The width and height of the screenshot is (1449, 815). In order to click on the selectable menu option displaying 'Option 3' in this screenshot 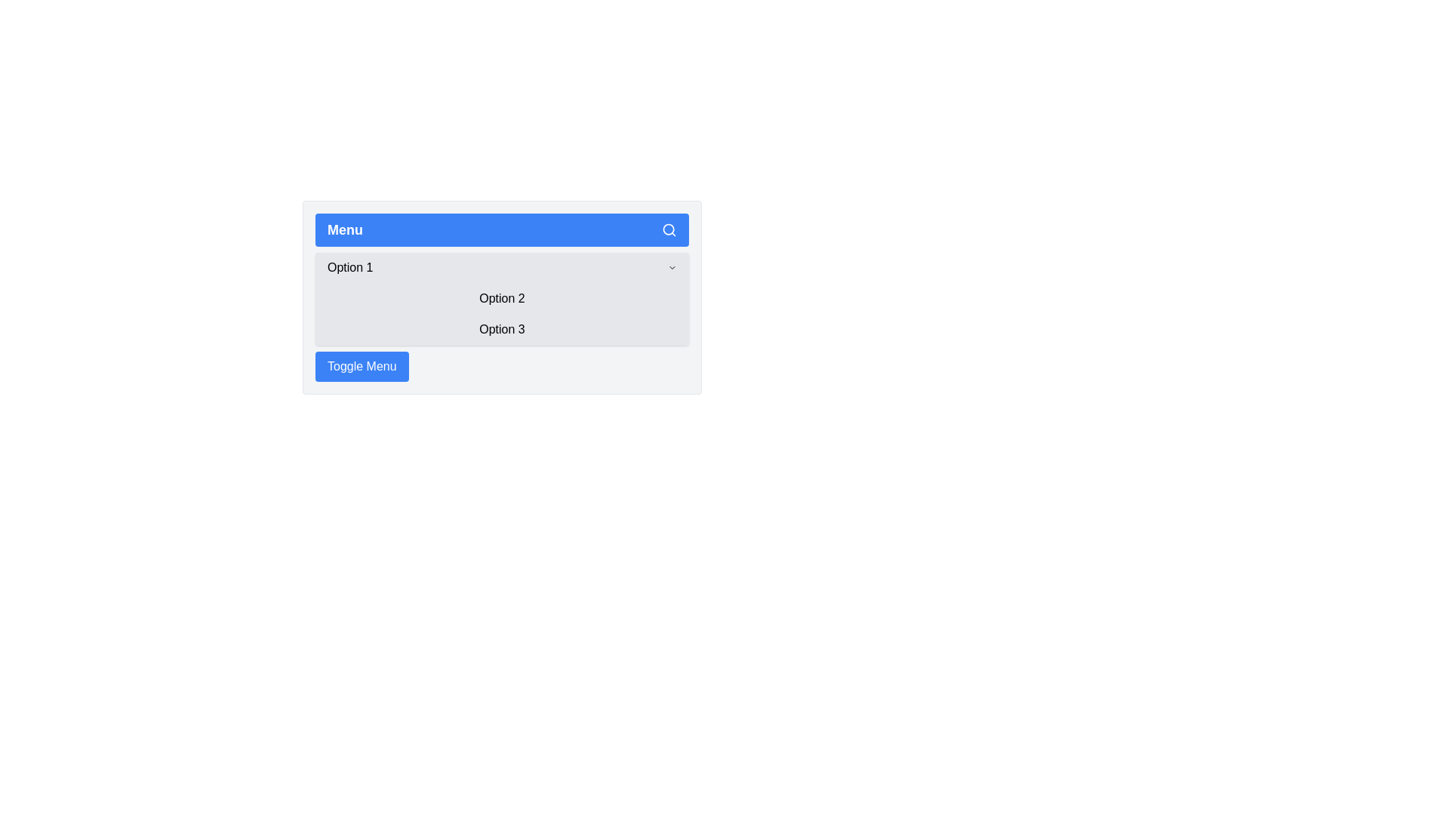, I will do `click(502, 329)`.